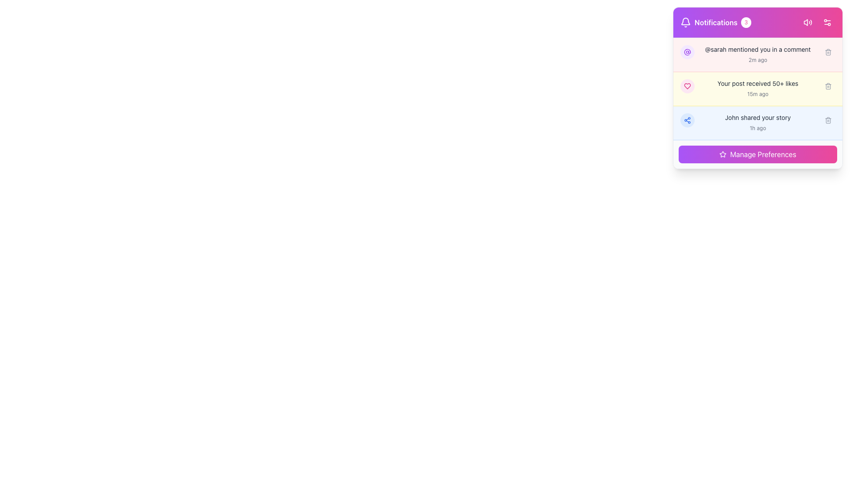 This screenshot has height=478, width=850. What do you see at coordinates (757, 154) in the screenshot?
I see `the preferences management button located at the bottom of the notification module` at bounding box center [757, 154].